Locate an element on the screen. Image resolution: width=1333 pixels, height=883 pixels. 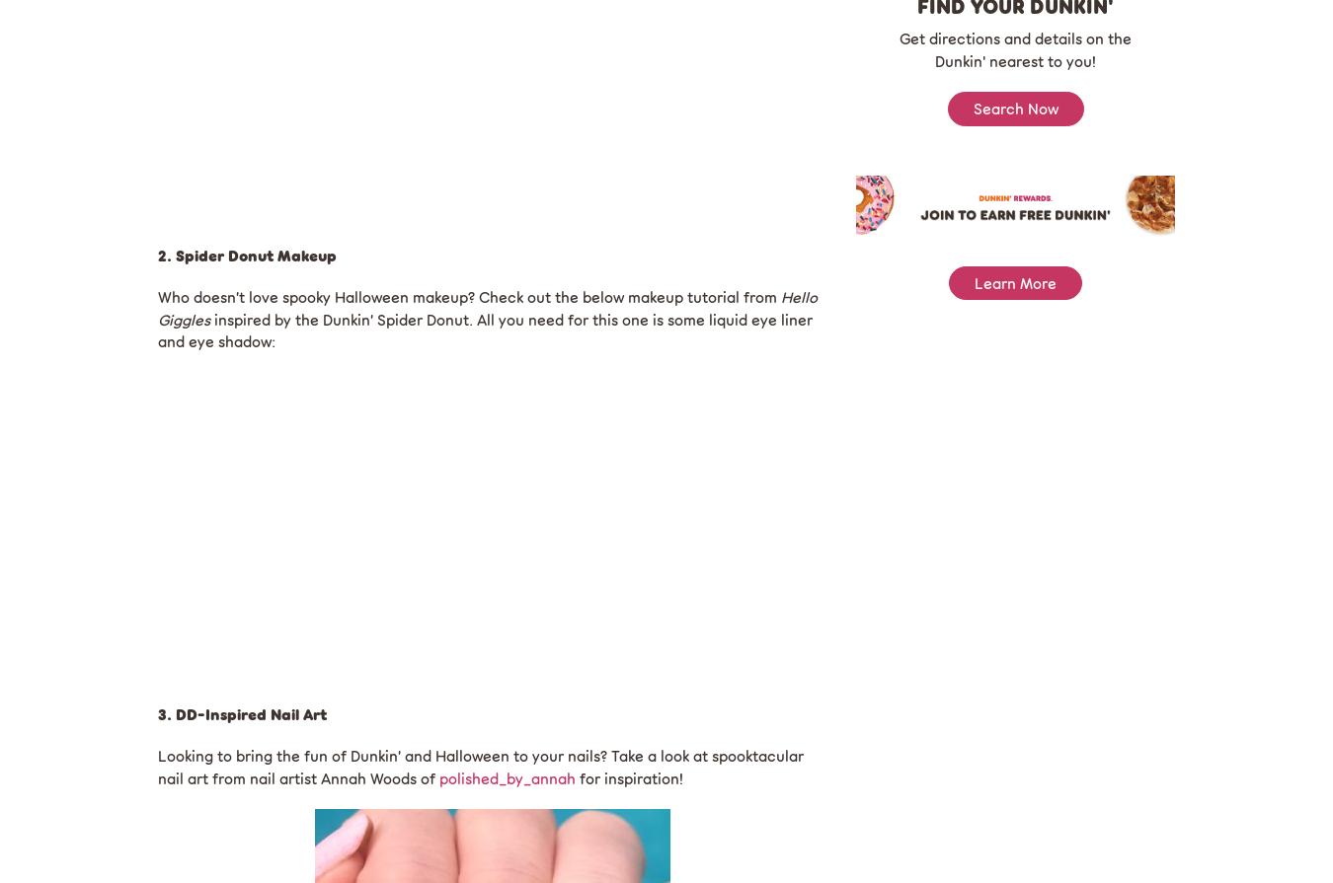
'Get directions and details on the Dunkin' nearest to you!' is located at coordinates (1015, 49).